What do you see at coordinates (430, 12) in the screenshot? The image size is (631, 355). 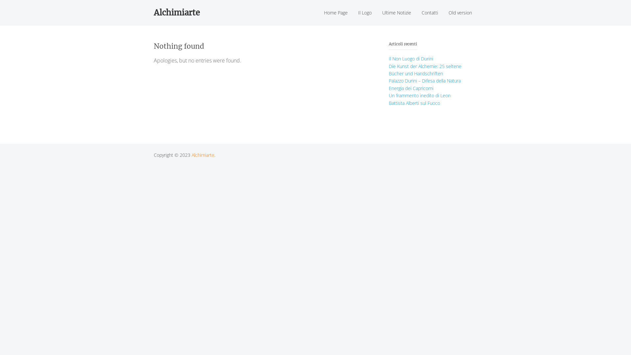 I see `'Contatti'` at bounding box center [430, 12].